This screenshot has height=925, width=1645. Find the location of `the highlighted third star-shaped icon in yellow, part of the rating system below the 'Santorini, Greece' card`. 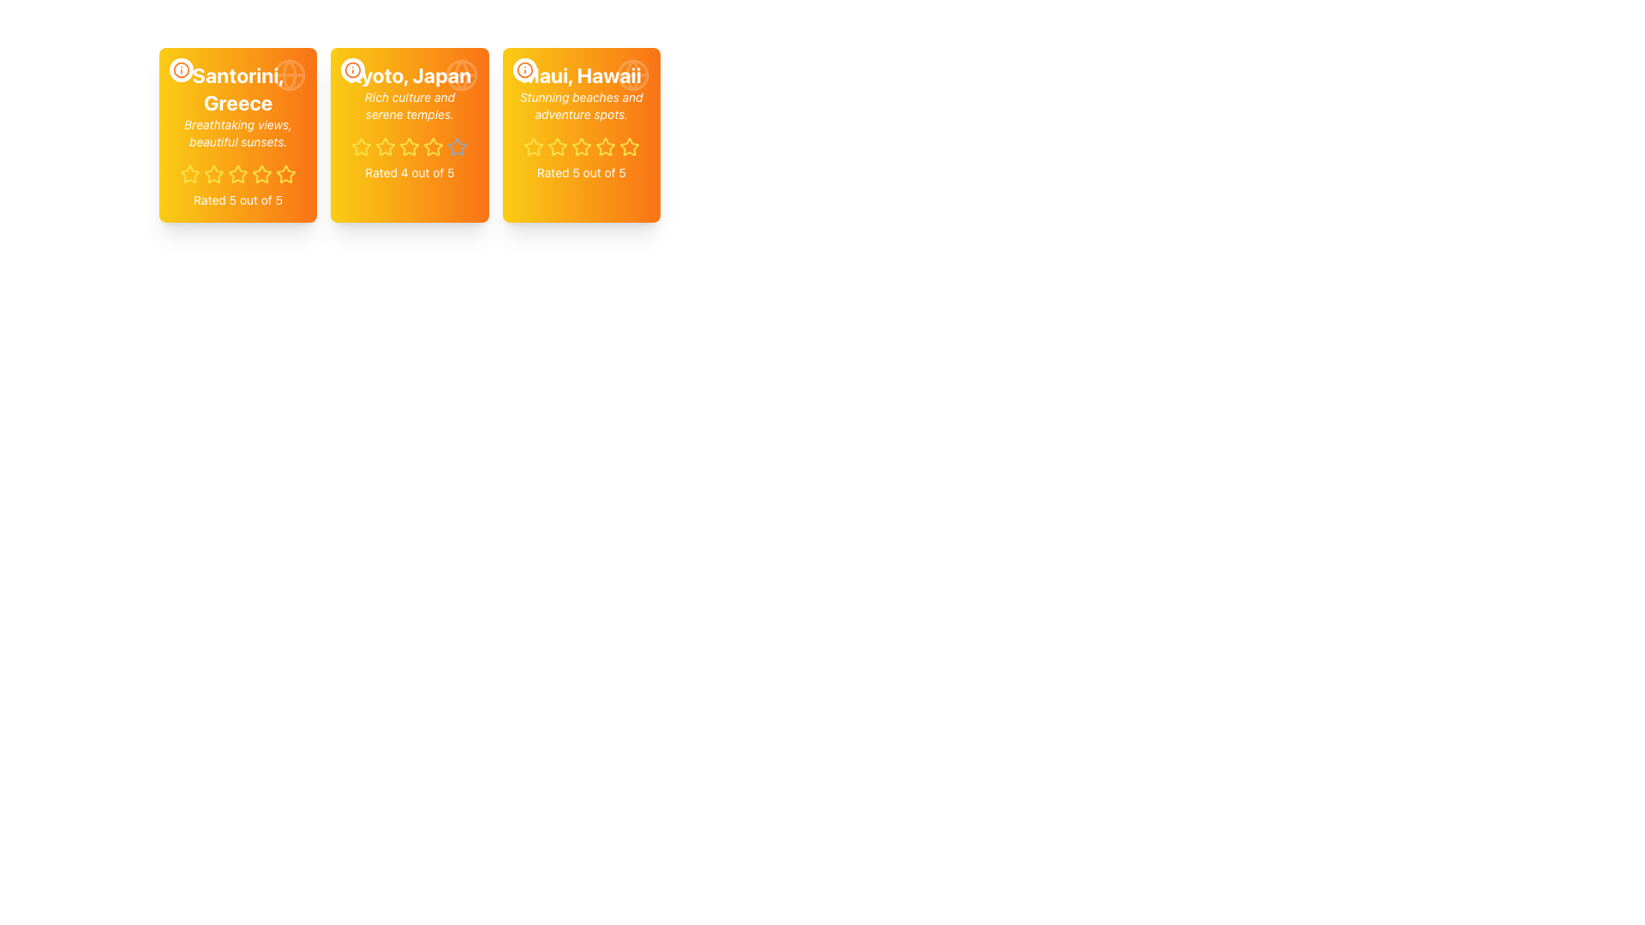

the highlighted third star-shaped icon in yellow, part of the rating system below the 'Santorini, Greece' card is located at coordinates (213, 175).